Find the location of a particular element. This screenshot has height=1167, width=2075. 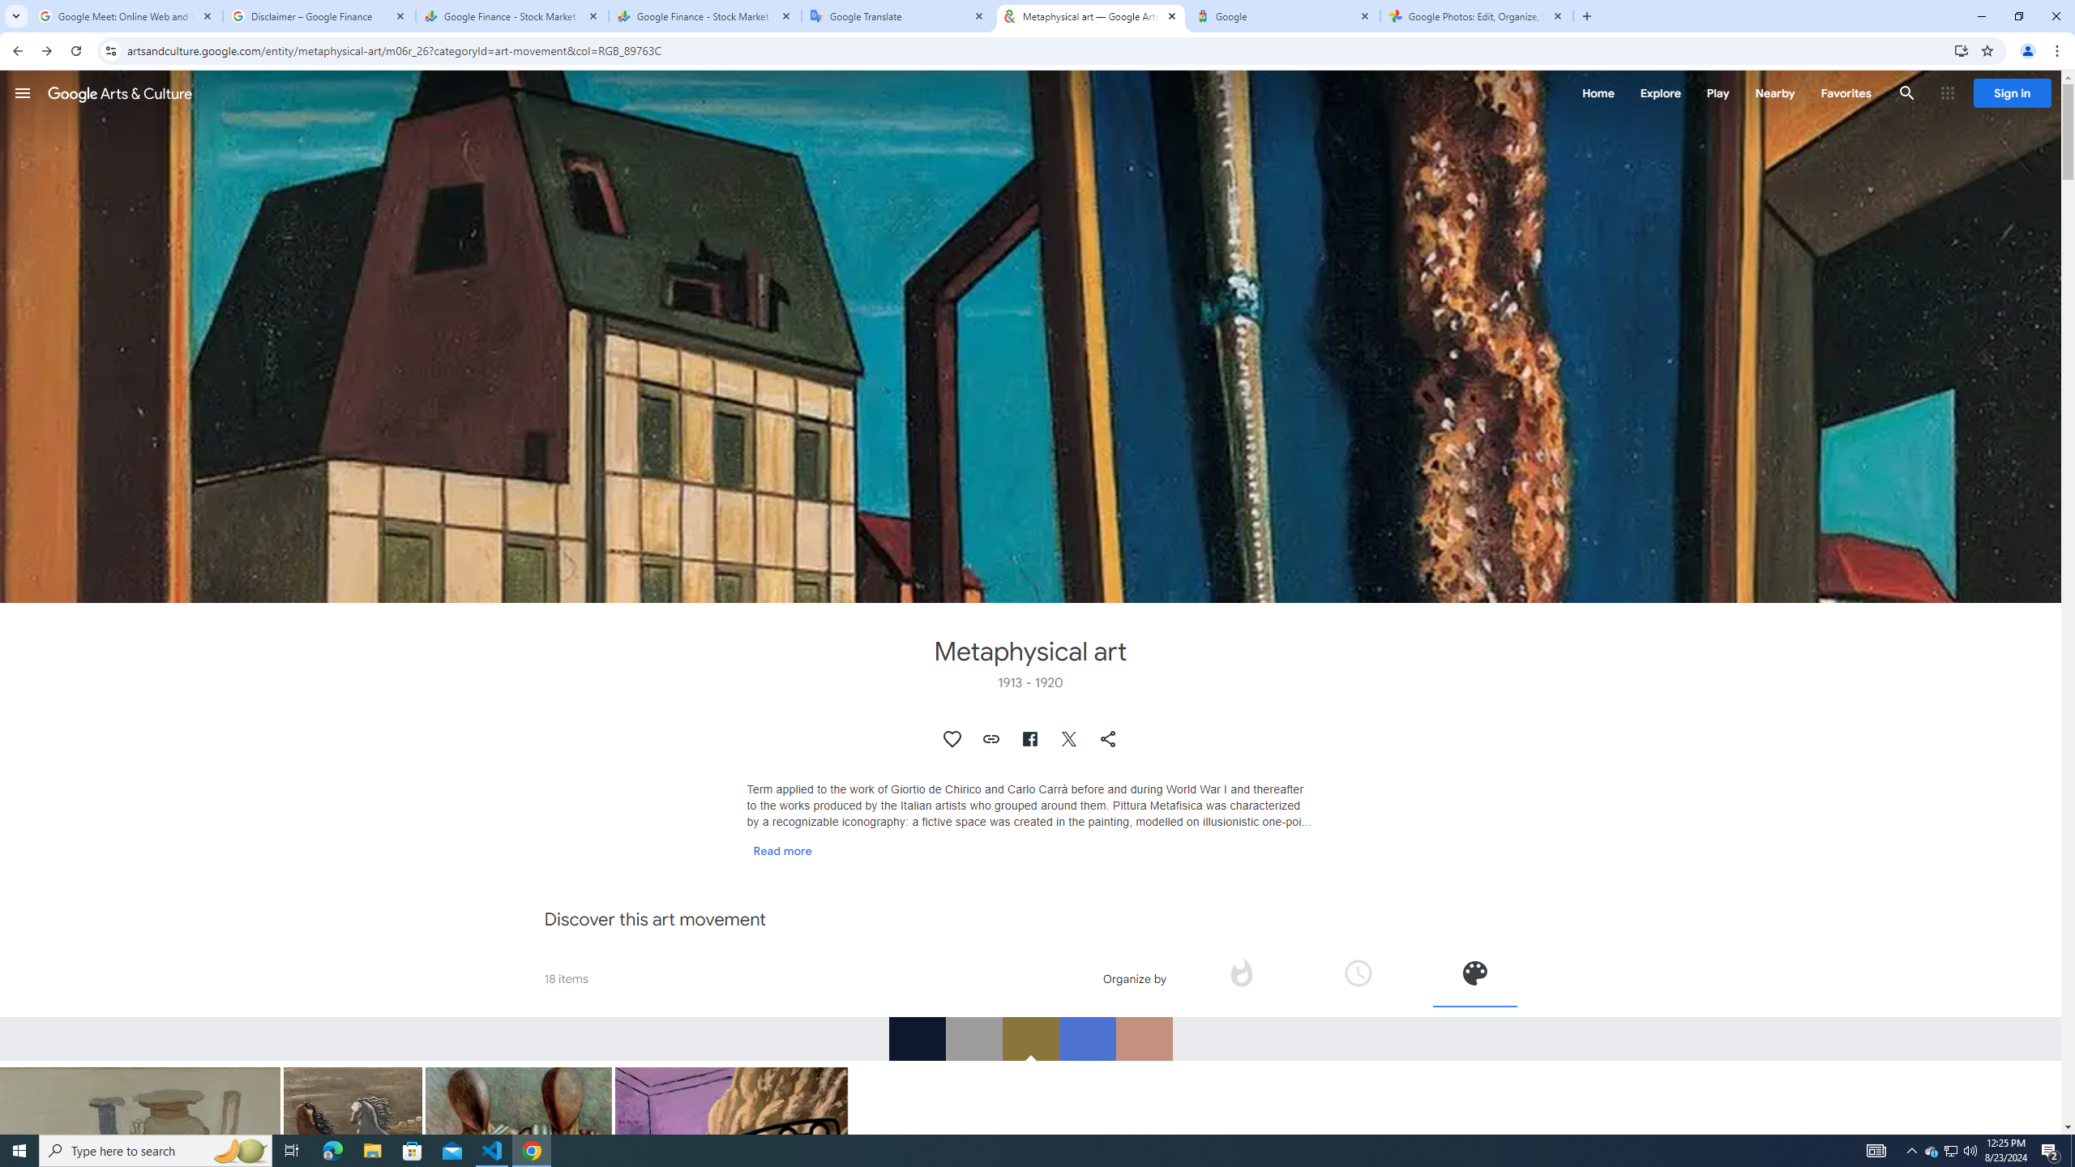

'Favorites' is located at coordinates (1845, 92).